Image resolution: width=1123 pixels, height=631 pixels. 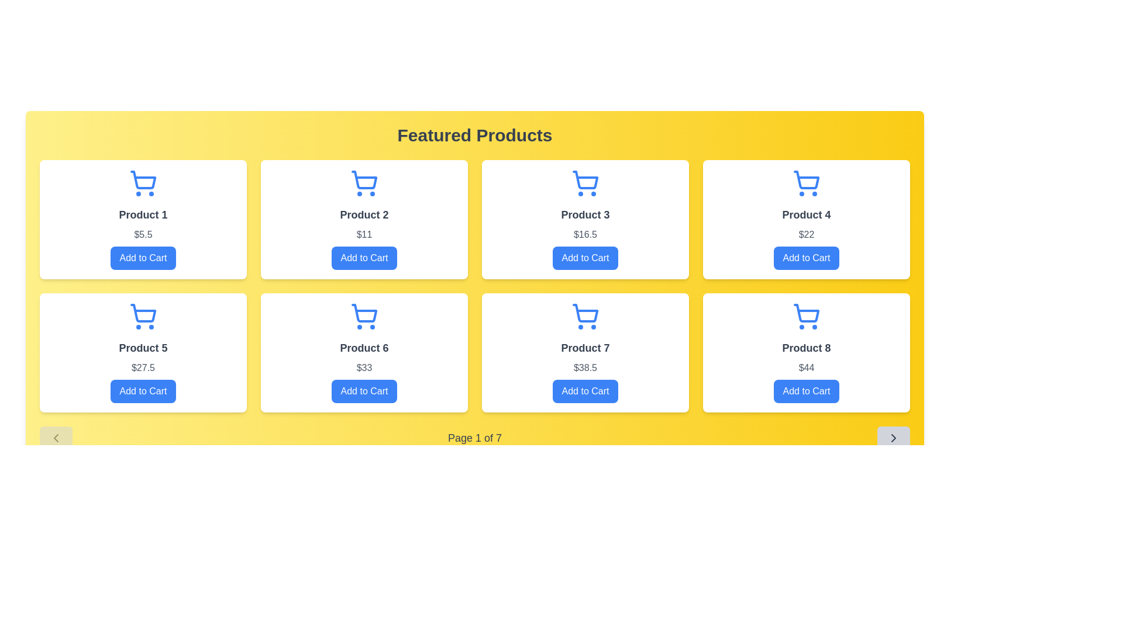 I want to click on details of the 'Product 7' card, which includes its name and price, located in the second row and third column of the grid layout, so click(x=585, y=352).